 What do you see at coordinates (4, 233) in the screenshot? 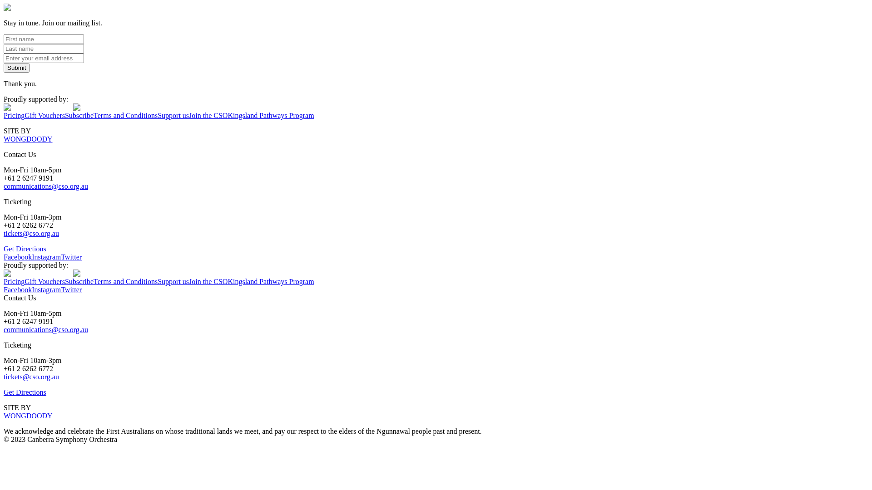
I see `'tickets@cso.org.au'` at bounding box center [4, 233].